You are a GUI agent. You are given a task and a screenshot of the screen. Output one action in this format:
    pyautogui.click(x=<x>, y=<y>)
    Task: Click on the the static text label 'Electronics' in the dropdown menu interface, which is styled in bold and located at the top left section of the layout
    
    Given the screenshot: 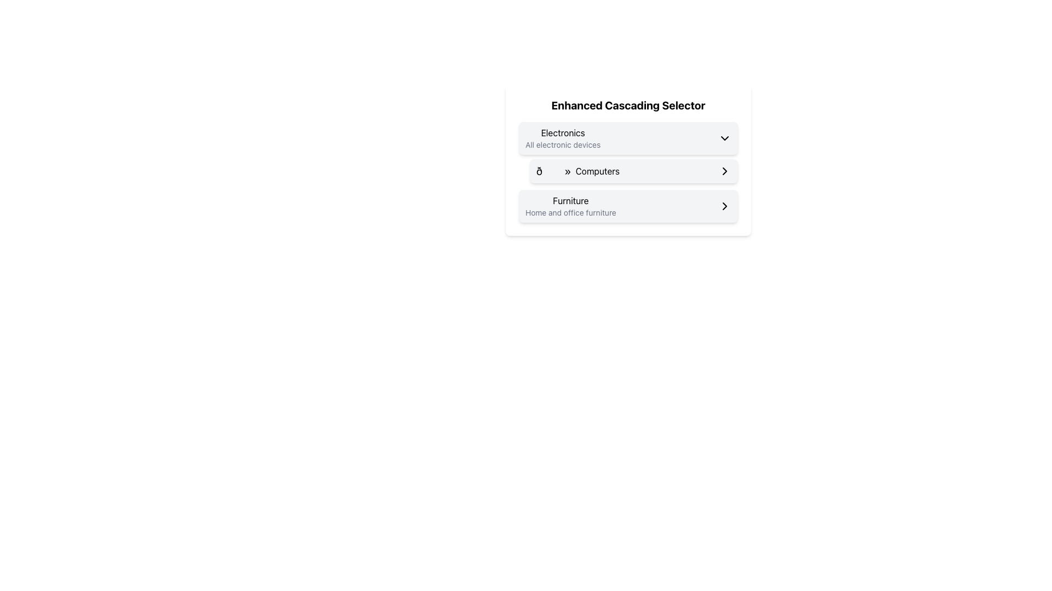 What is the action you would take?
    pyautogui.click(x=563, y=132)
    